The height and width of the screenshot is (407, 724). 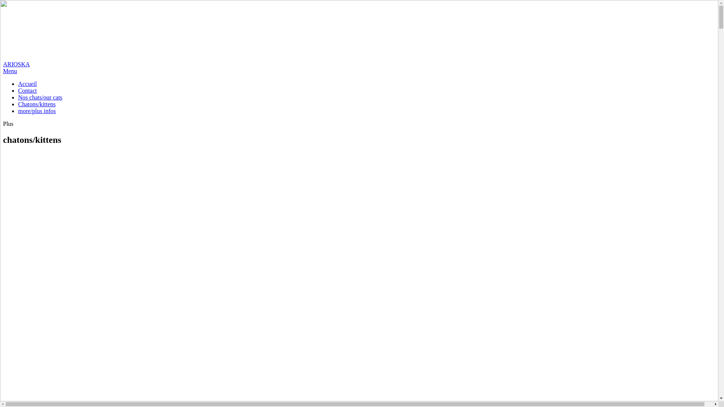 What do you see at coordinates (10, 71) in the screenshot?
I see `'Menu'` at bounding box center [10, 71].